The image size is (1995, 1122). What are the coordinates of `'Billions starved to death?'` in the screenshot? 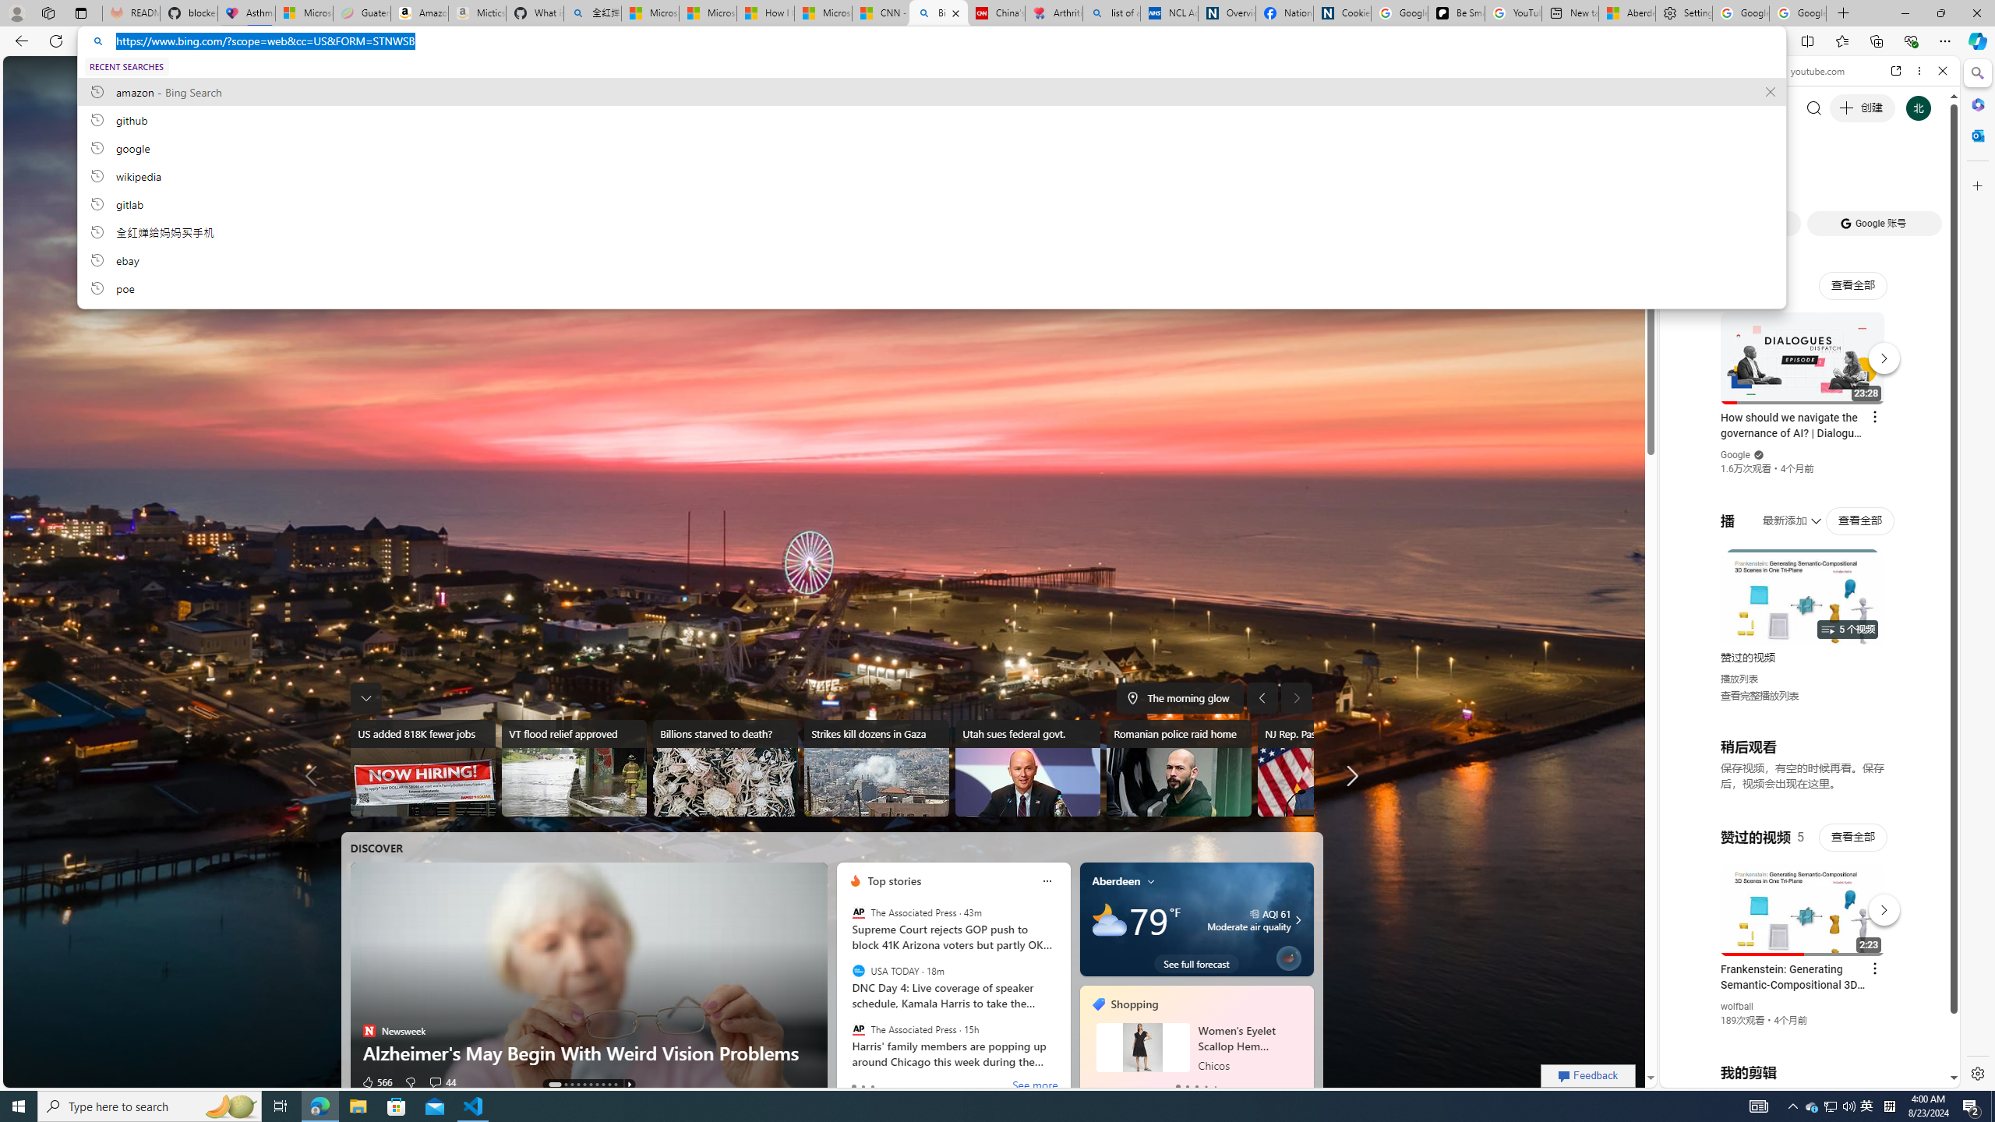 It's located at (724, 767).